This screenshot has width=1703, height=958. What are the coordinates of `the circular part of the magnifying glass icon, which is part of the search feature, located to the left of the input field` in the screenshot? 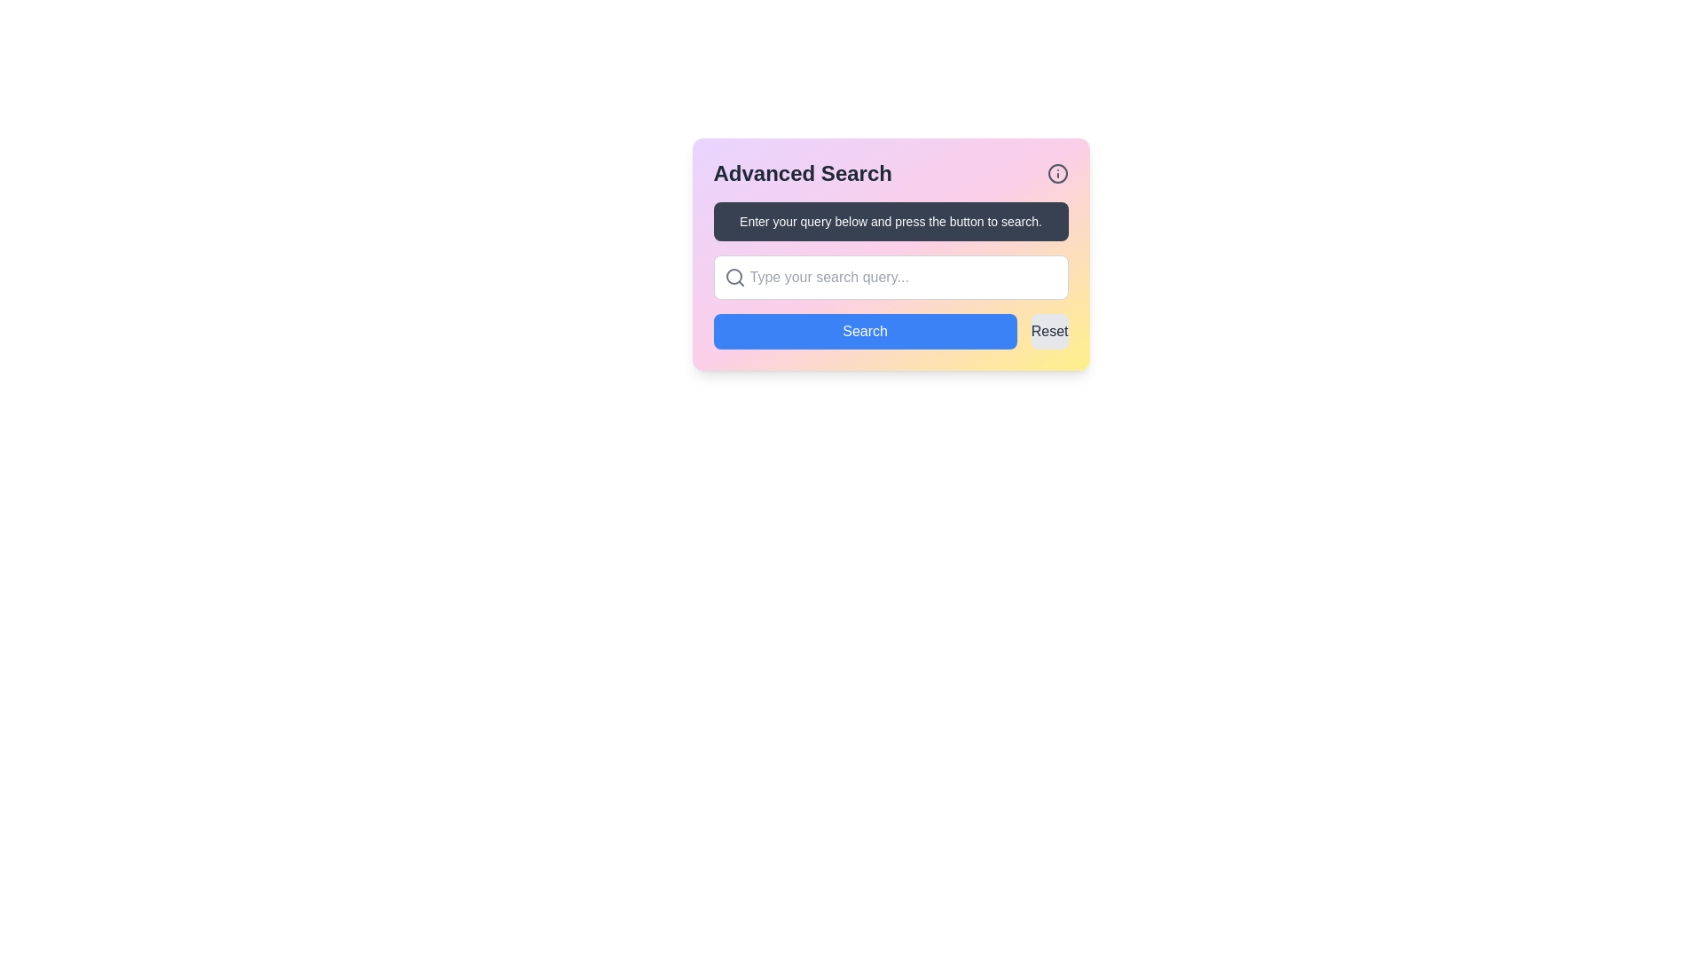 It's located at (734, 277).